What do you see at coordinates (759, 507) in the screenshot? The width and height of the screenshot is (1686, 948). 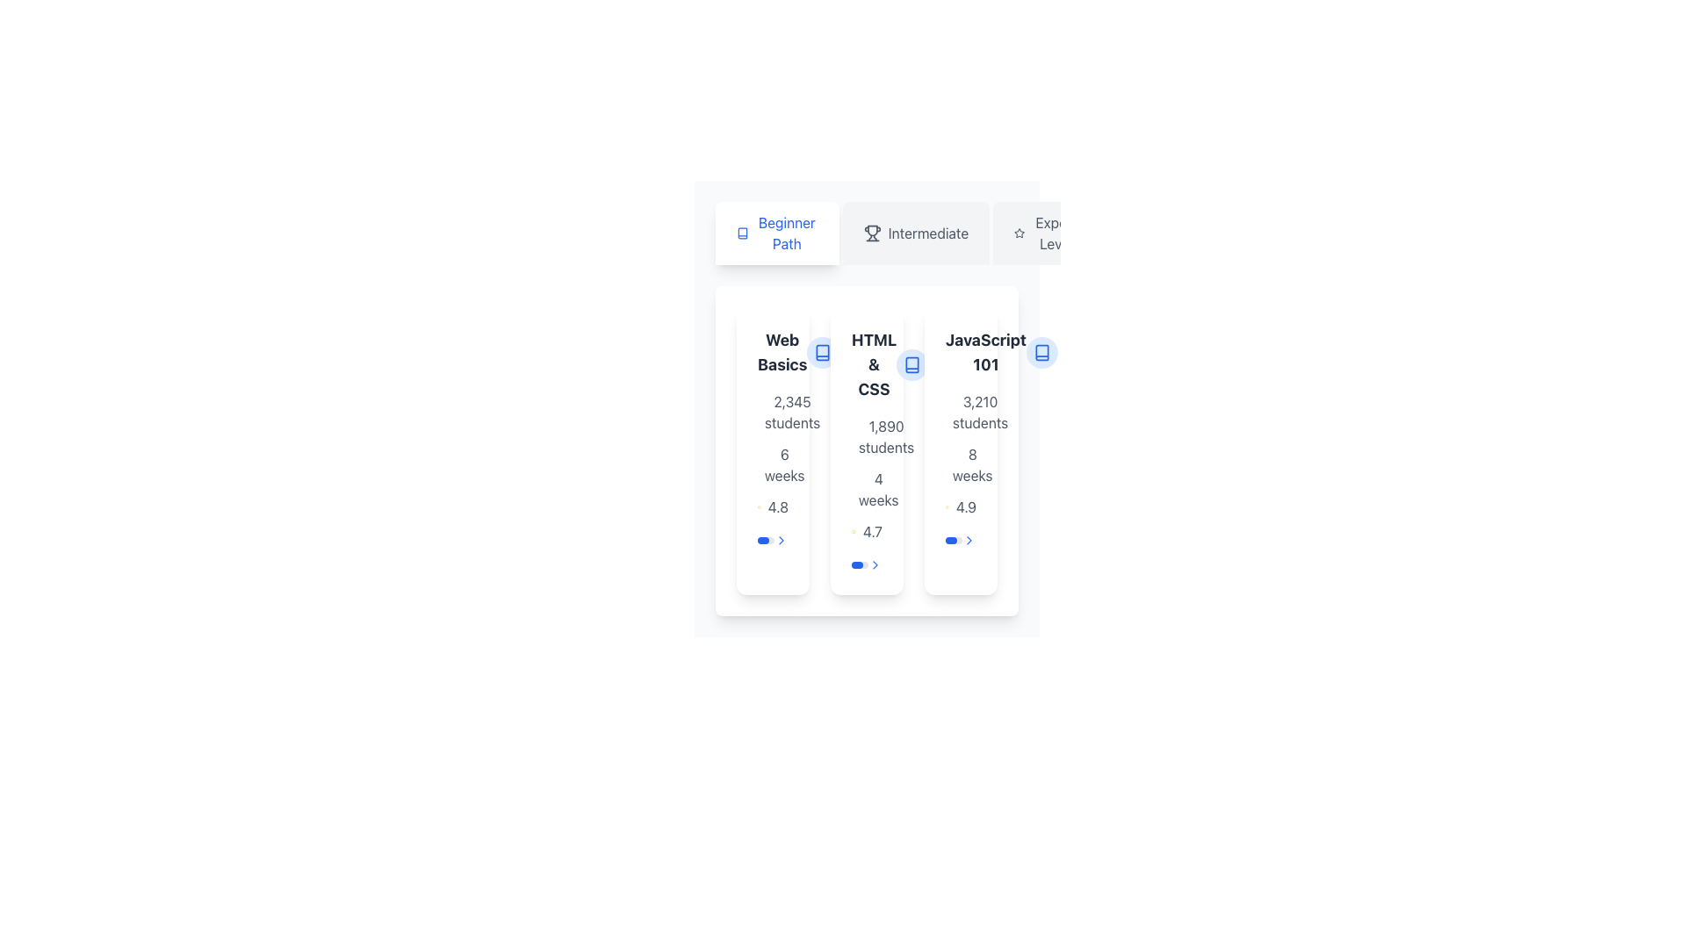 I see `the star icon representing a rating of '4.8' on the left side of the numerical rating text within a course information card` at bounding box center [759, 507].